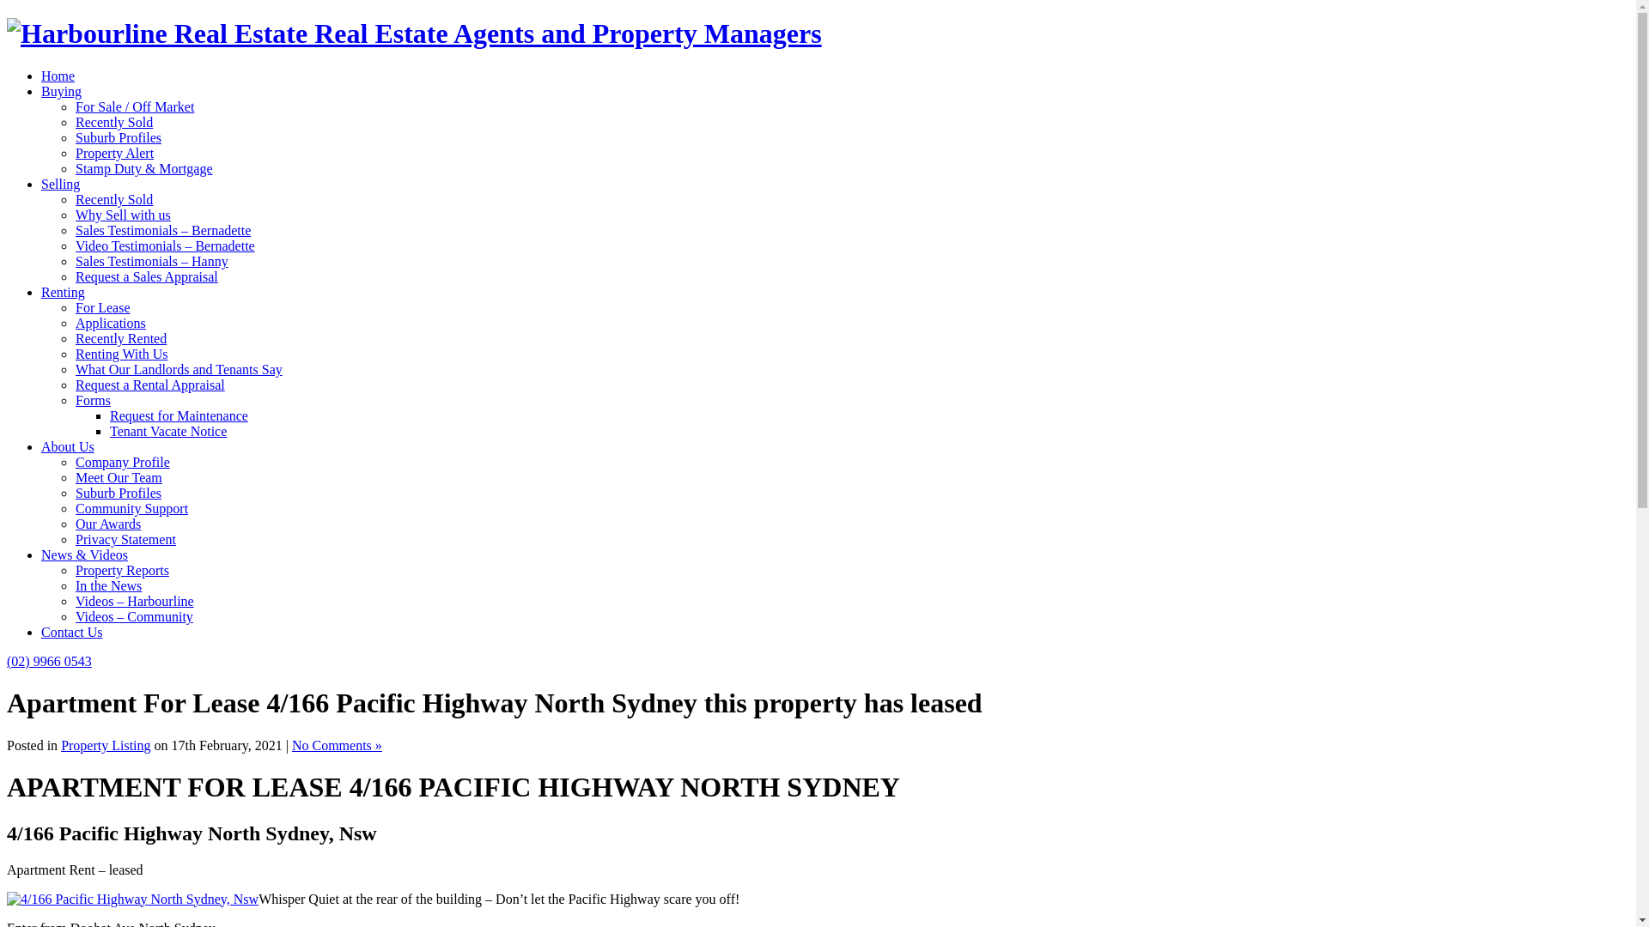  What do you see at coordinates (113, 198) in the screenshot?
I see `'Recently Sold'` at bounding box center [113, 198].